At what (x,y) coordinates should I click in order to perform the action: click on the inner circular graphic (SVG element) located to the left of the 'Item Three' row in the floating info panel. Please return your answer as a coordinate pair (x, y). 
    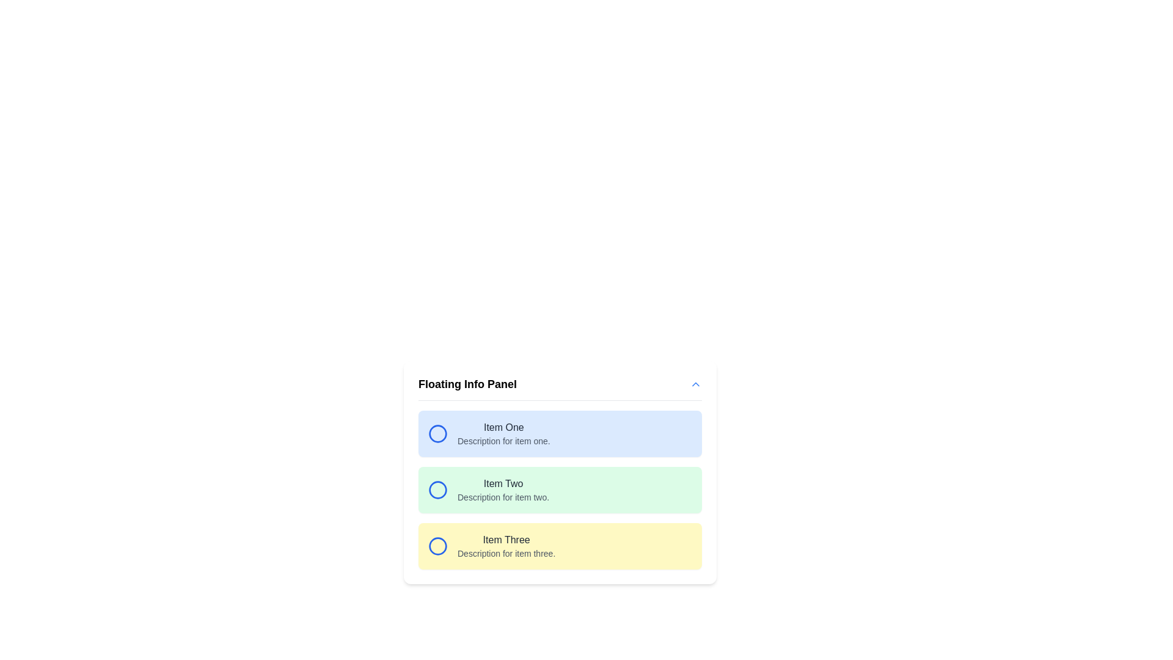
    Looking at the image, I should click on (437, 546).